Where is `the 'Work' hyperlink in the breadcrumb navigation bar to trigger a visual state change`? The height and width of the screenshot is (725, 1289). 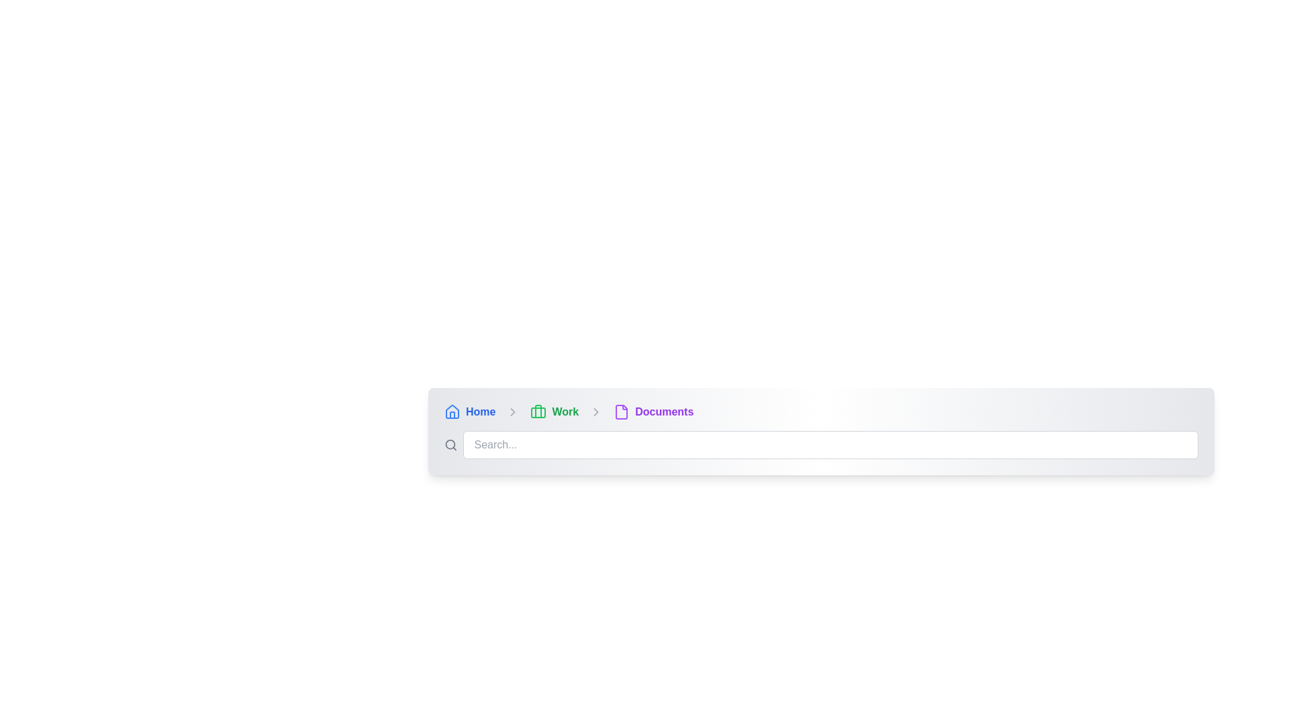 the 'Work' hyperlink in the breadcrumb navigation bar to trigger a visual state change is located at coordinates (565, 411).